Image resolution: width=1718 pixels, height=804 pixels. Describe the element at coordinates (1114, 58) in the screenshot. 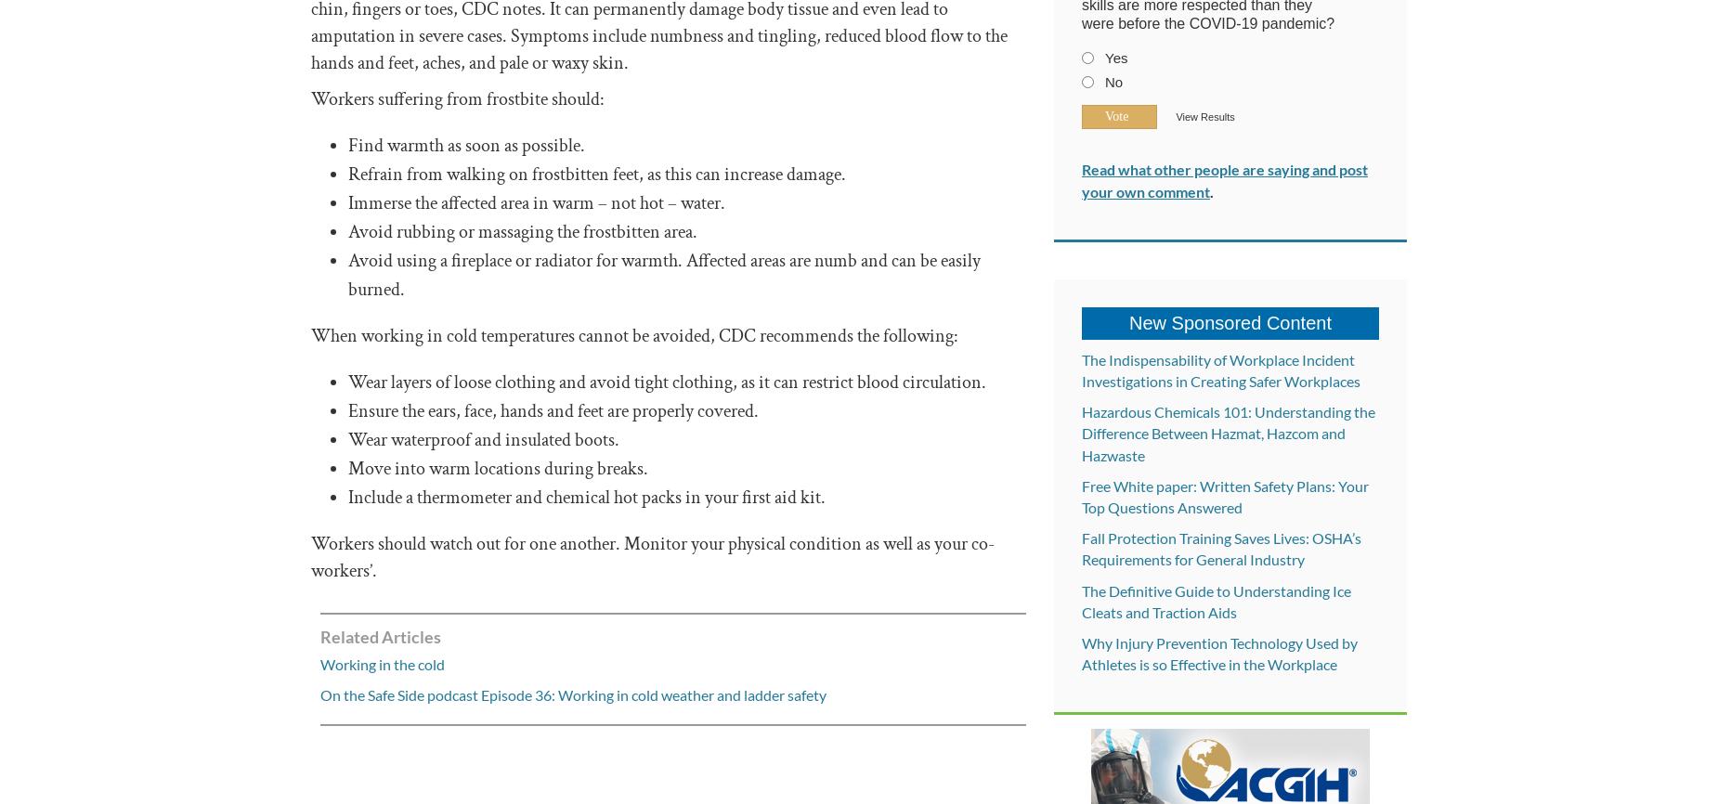

I see `'Yes'` at that location.